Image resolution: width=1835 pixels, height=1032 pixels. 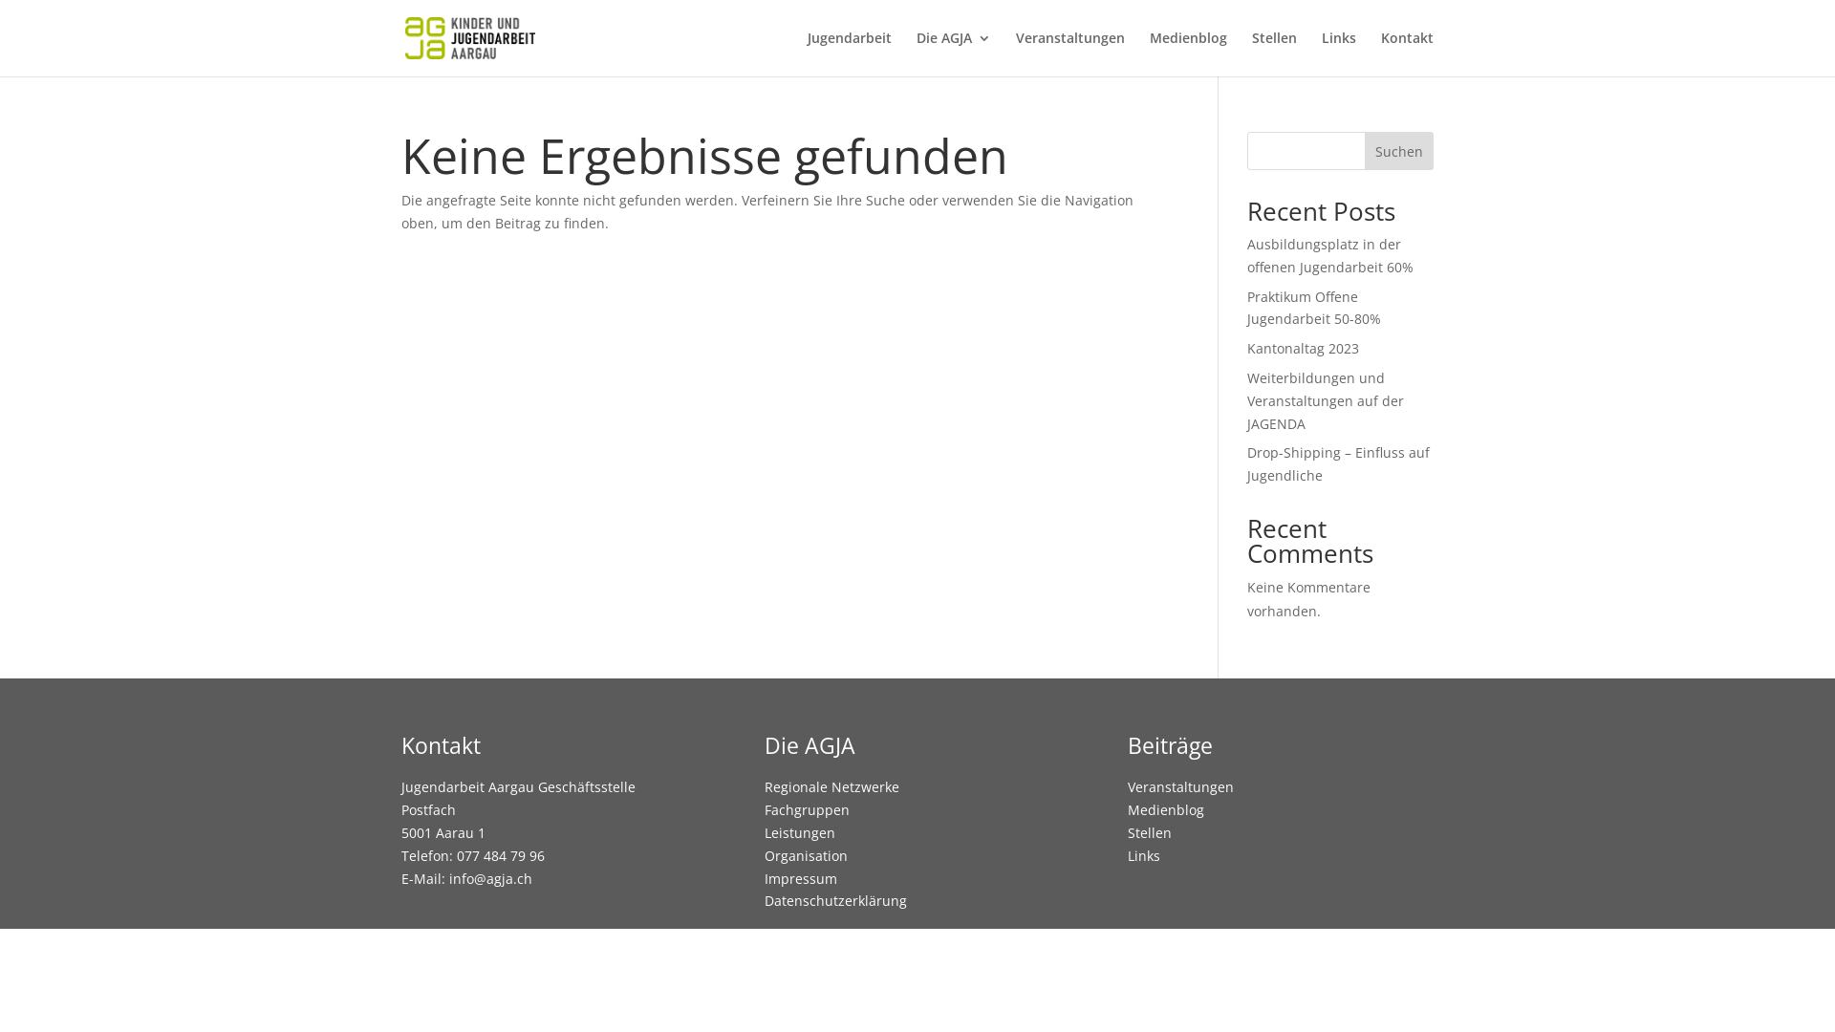 What do you see at coordinates (807, 809) in the screenshot?
I see `'Fachgruppen'` at bounding box center [807, 809].